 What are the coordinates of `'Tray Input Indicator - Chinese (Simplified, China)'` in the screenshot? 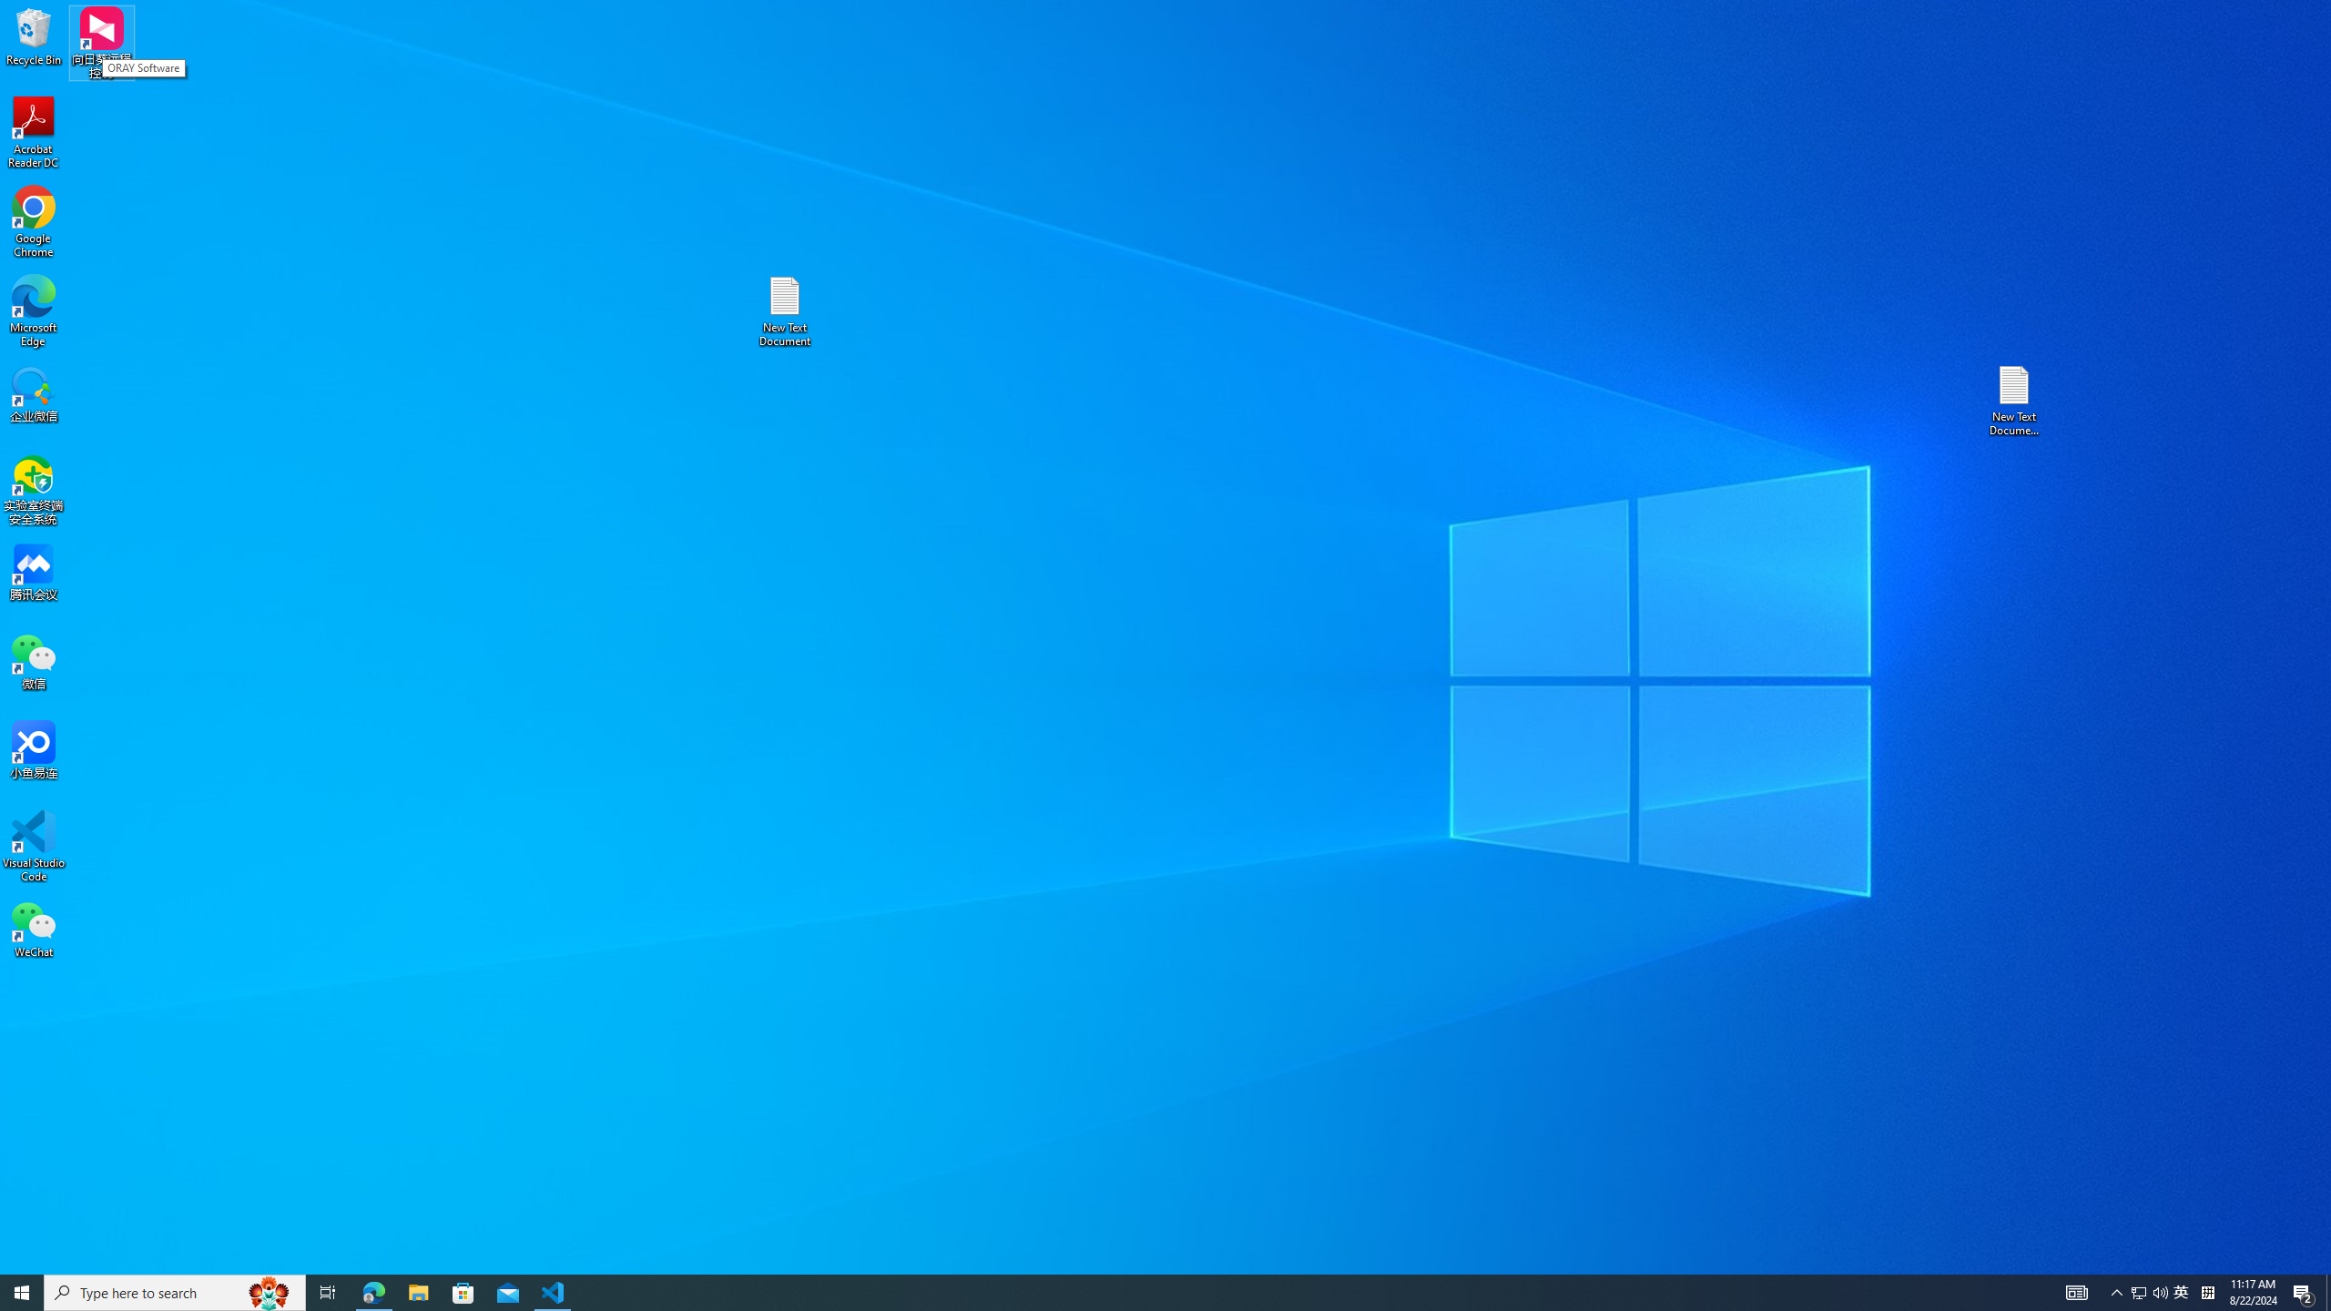 It's located at (2138, 1291).